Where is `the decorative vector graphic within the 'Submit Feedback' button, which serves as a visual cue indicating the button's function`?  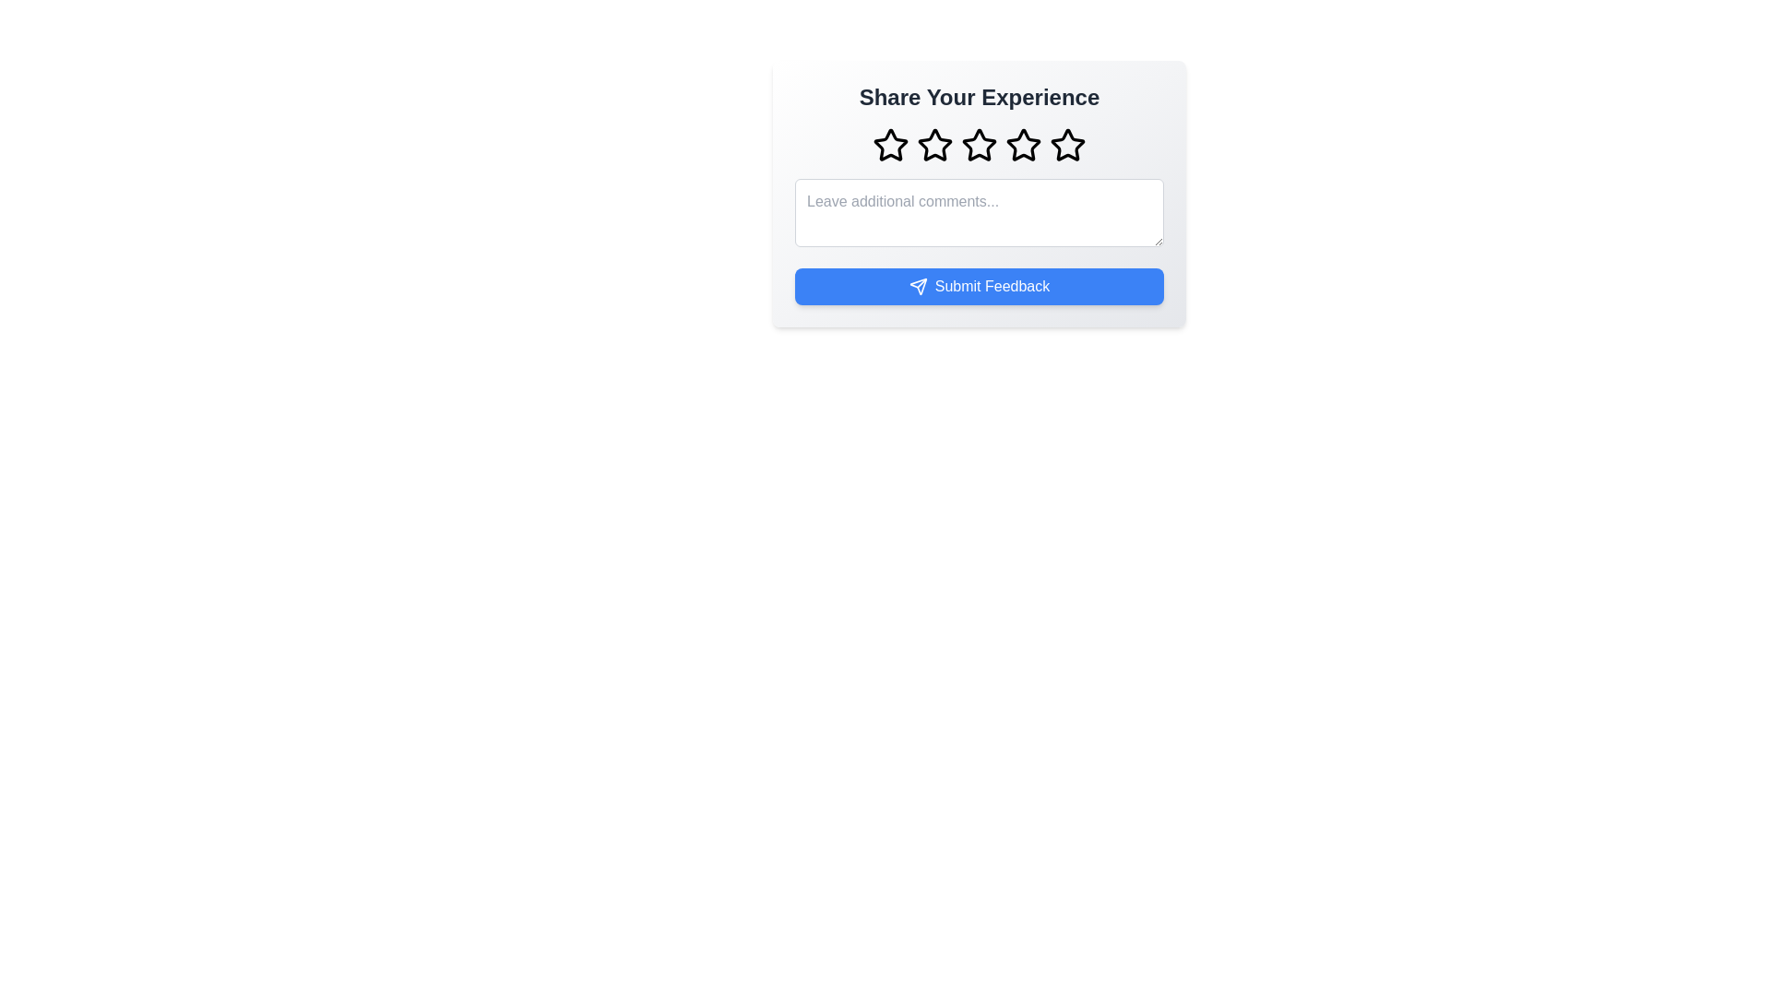
the decorative vector graphic within the 'Submit Feedback' button, which serves as a visual cue indicating the button's function is located at coordinates (918, 287).